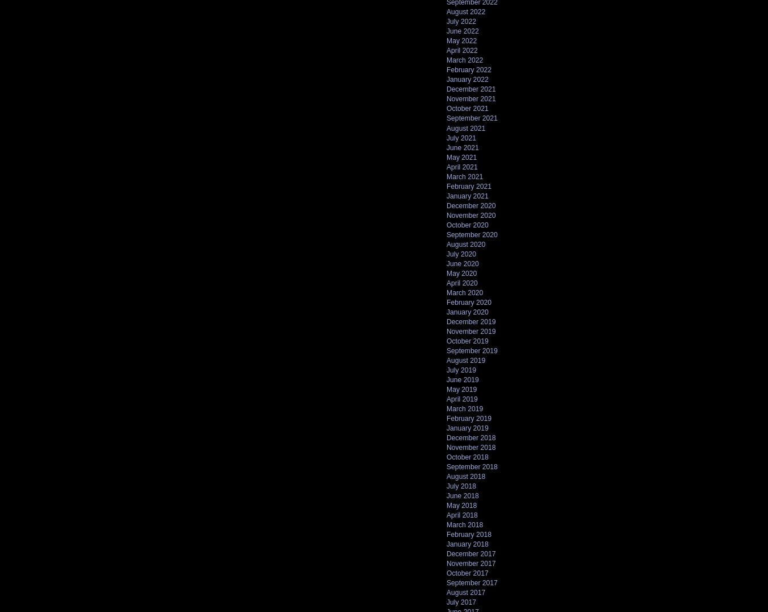  I want to click on 'September 2021', so click(472, 117).